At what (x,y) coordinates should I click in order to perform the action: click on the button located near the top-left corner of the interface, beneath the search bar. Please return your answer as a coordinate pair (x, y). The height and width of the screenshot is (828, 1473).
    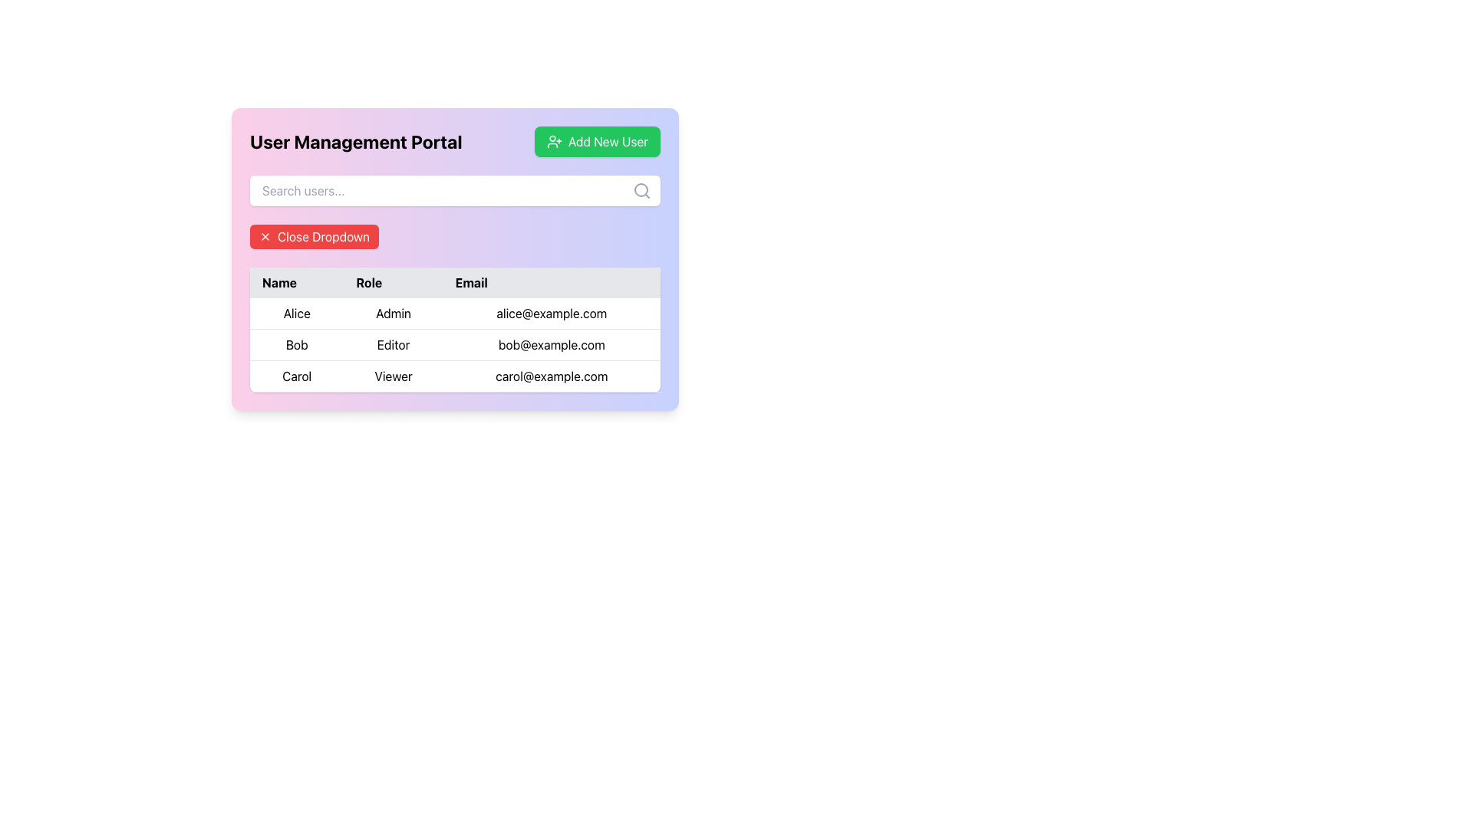
    Looking at the image, I should click on (313, 236).